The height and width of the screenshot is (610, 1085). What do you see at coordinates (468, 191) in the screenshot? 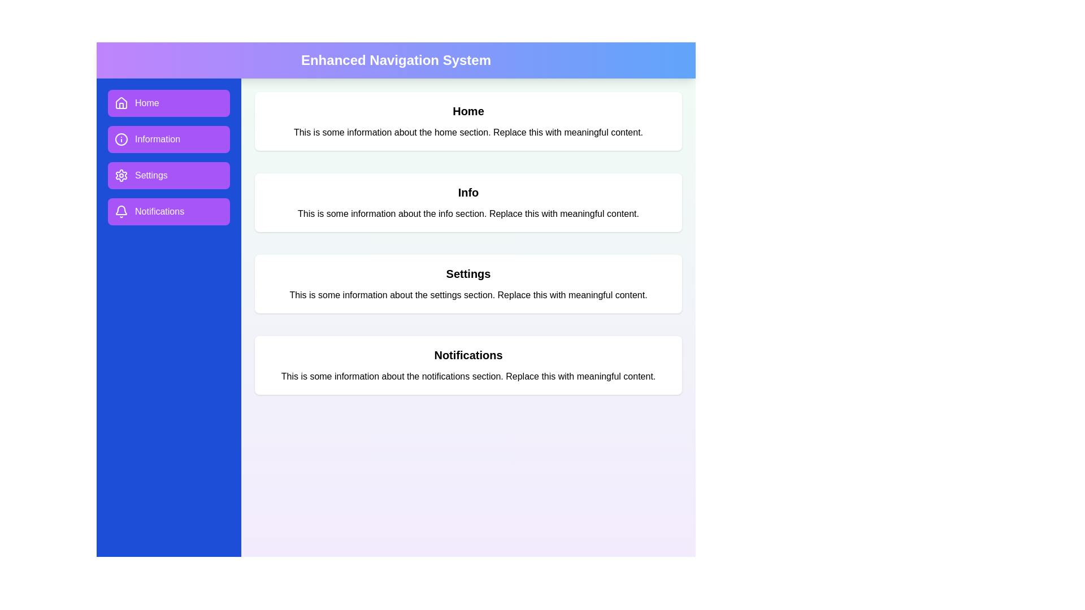
I see `the 'Info' text label, which is styled in bold, large font and located above descriptive text in the 'Info' section` at bounding box center [468, 191].